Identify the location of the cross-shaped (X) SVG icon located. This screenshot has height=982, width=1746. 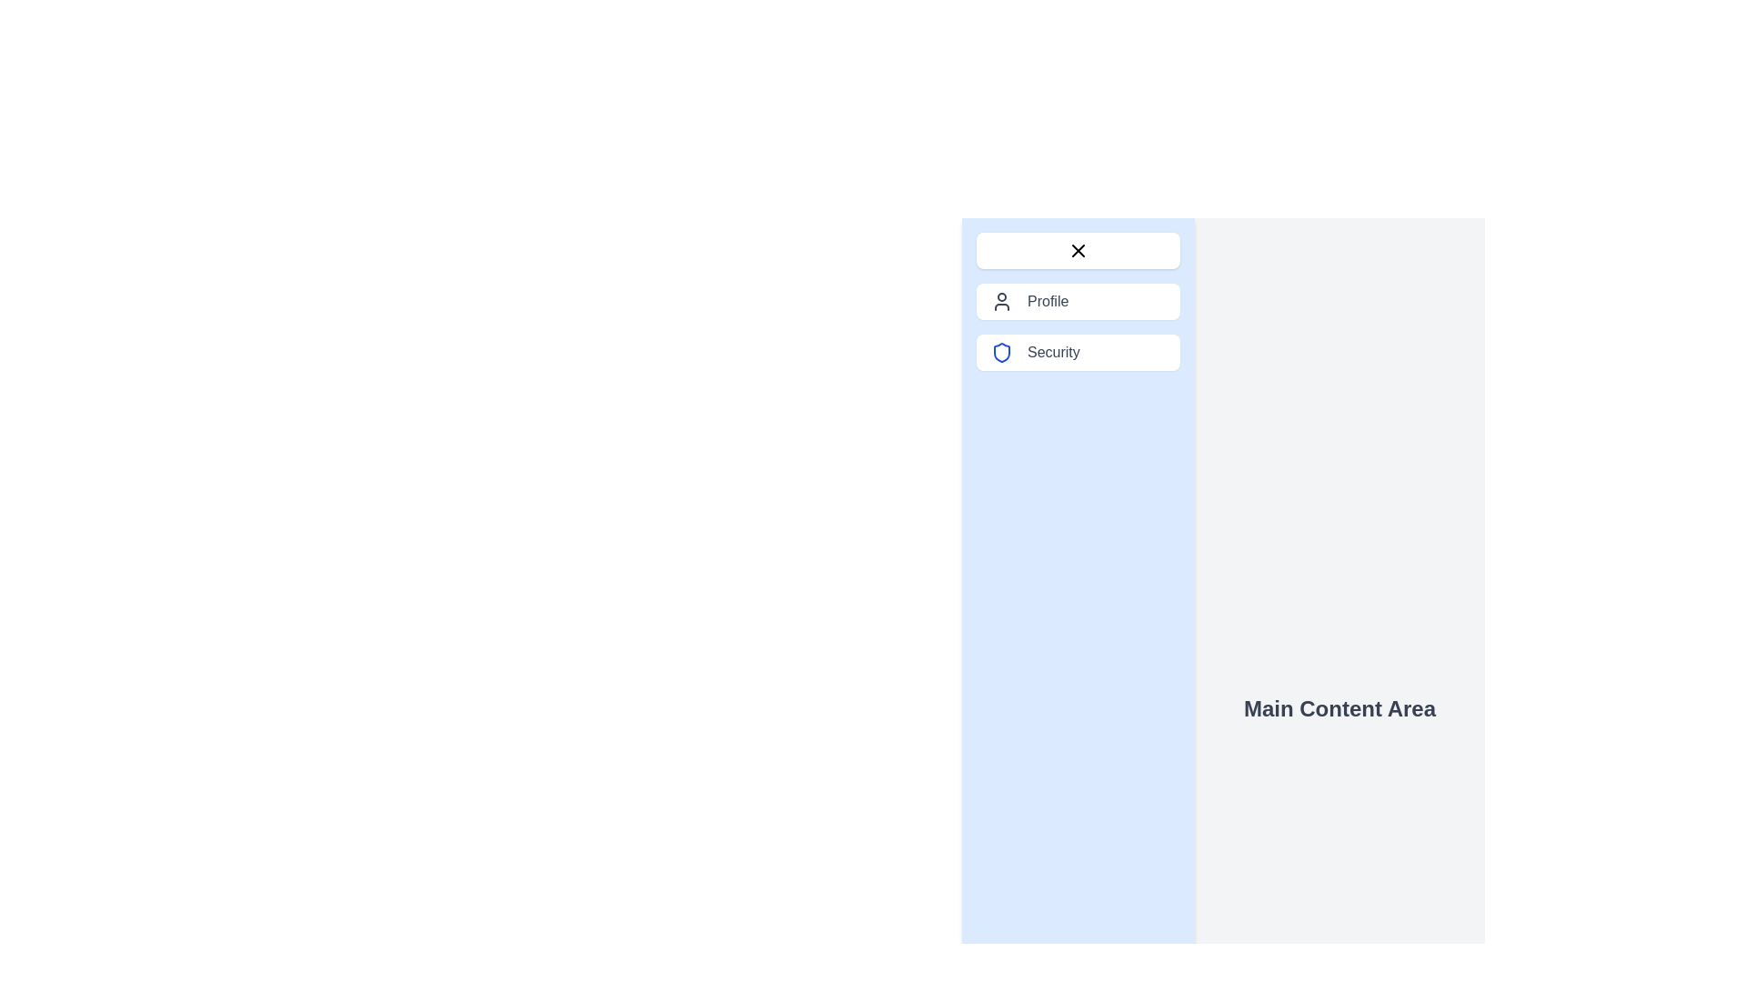
(1078, 251).